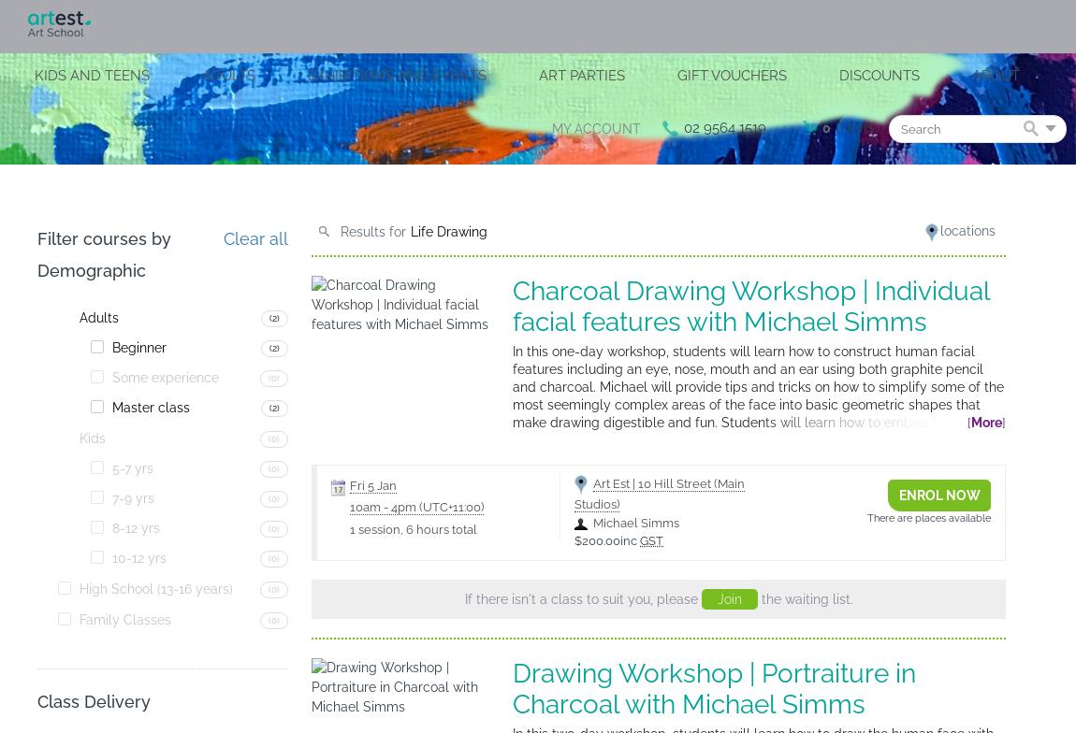 Image resolution: width=1076 pixels, height=733 pixels. What do you see at coordinates (91, 75) in the screenshot?
I see `'Kids and Teens'` at bounding box center [91, 75].